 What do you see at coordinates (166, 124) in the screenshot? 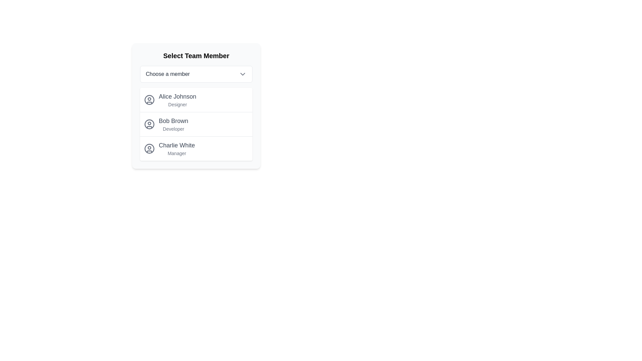
I see `the second profile entry in the team member list, located between 'Alice Johnson' and 'Charlie White'` at bounding box center [166, 124].